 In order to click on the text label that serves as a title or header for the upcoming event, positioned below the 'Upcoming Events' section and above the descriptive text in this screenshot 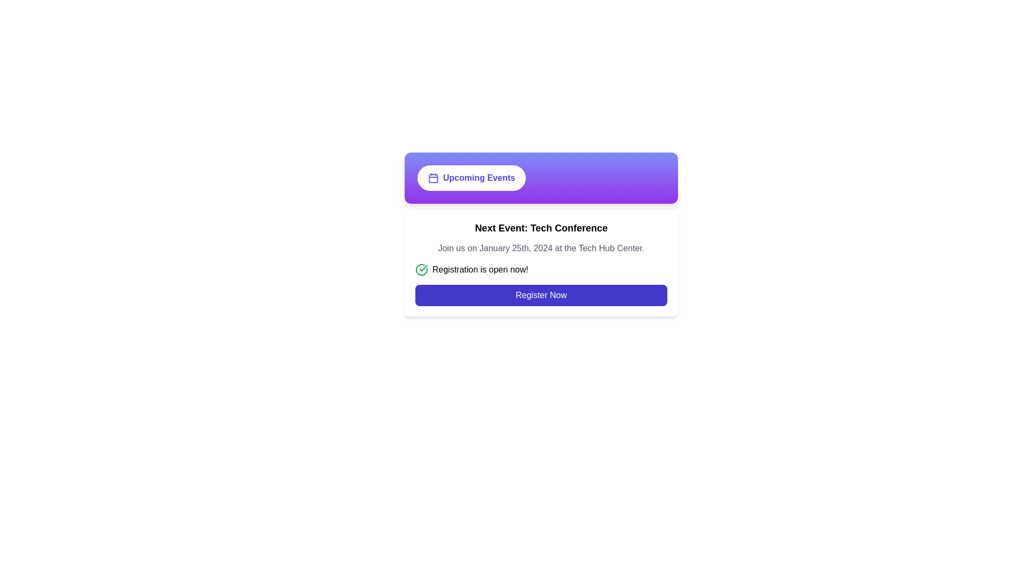, I will do `click(541, 228)`.